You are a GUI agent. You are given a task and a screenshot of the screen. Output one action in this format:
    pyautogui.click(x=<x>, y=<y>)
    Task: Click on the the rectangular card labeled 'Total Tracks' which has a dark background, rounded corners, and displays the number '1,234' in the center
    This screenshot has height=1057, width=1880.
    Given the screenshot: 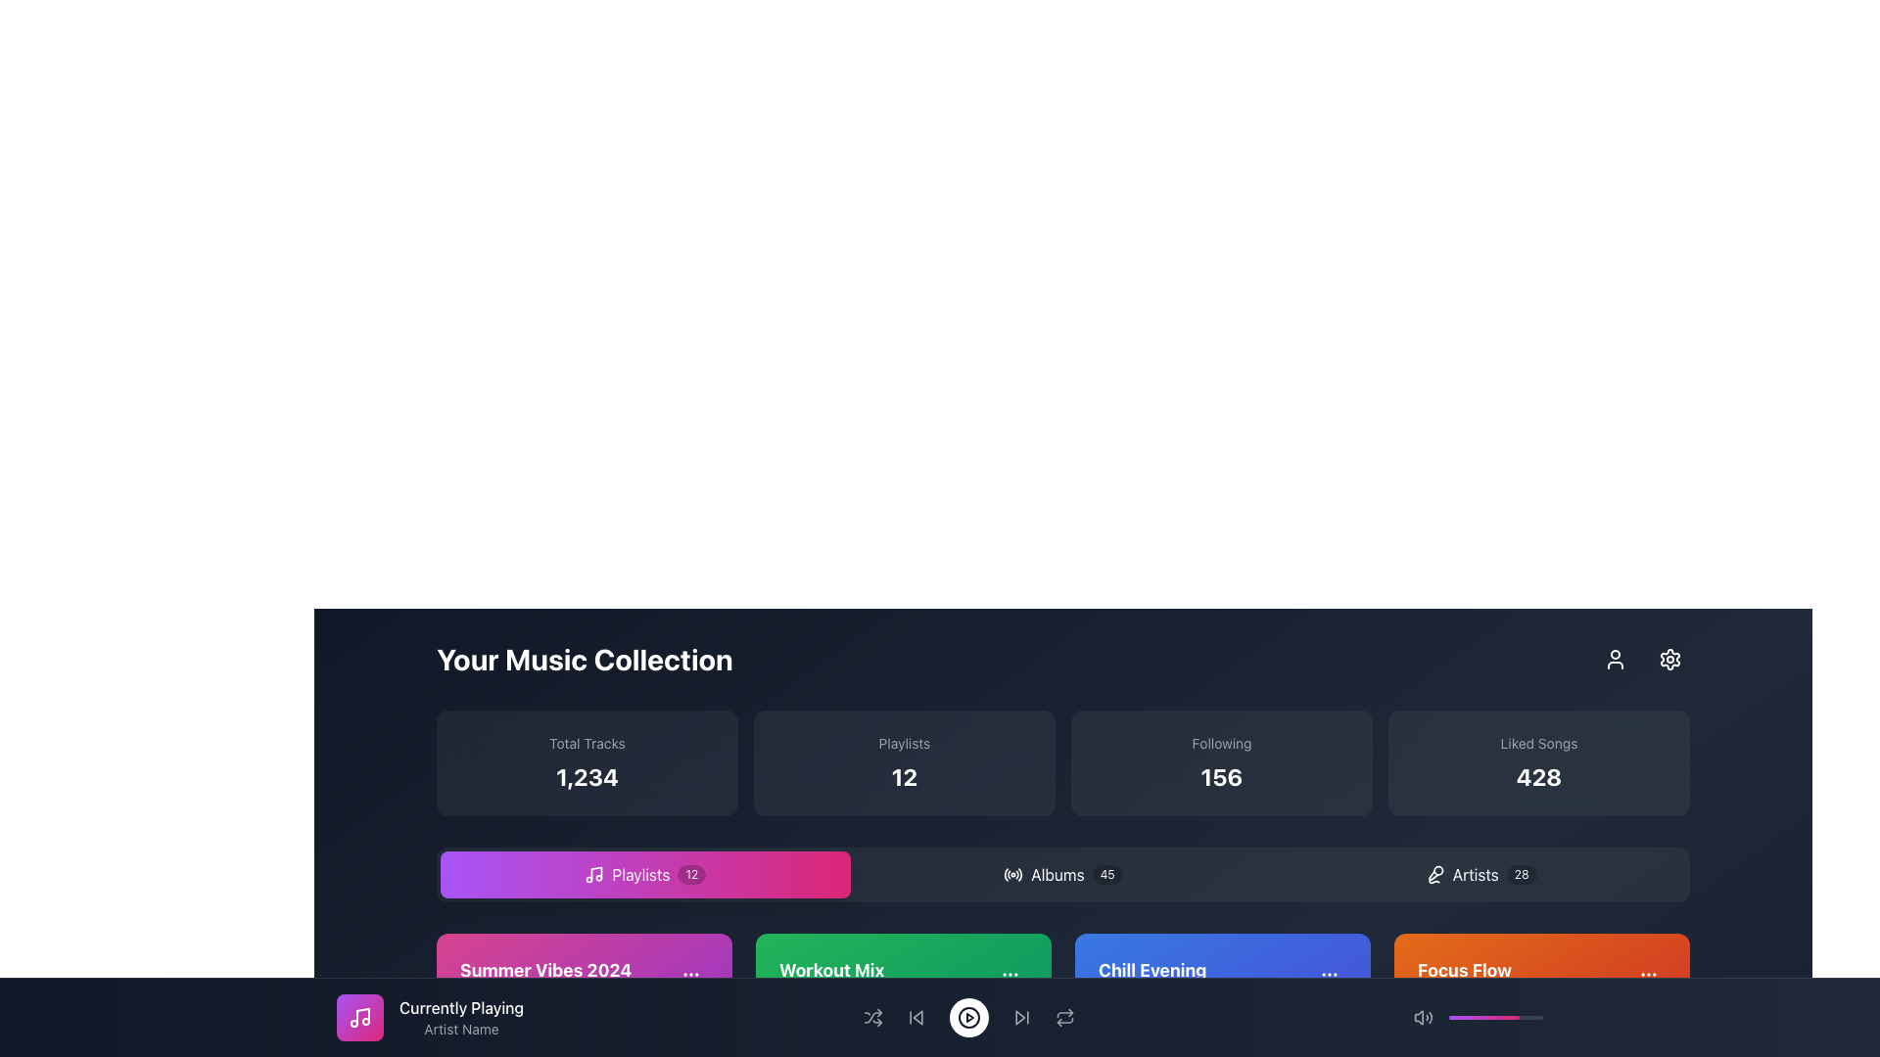 What is the action you would take?
    pyautogui.click(x=587, y=761)
    